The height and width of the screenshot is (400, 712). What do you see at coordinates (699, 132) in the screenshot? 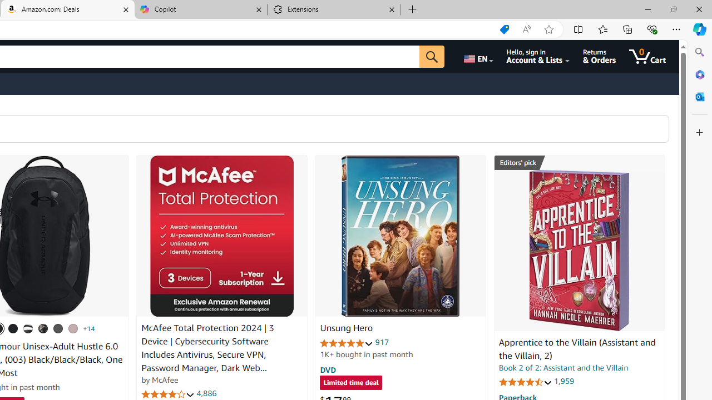
I see `'Customize'` at bounding box center [699, 132].